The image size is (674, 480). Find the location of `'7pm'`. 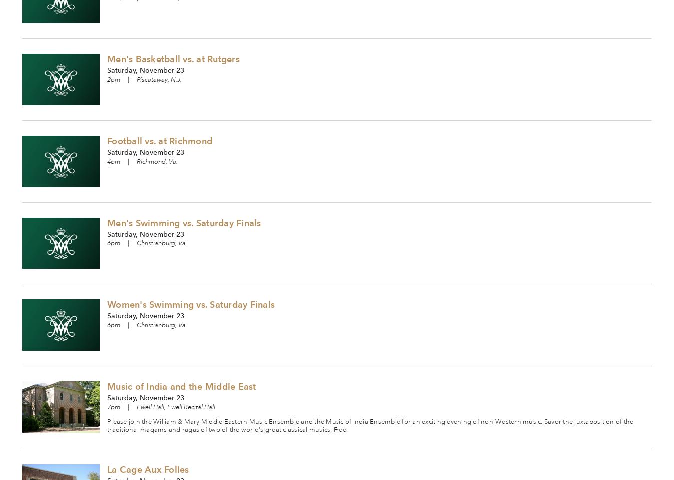

'7pm' is located at coordinates (113, 406).